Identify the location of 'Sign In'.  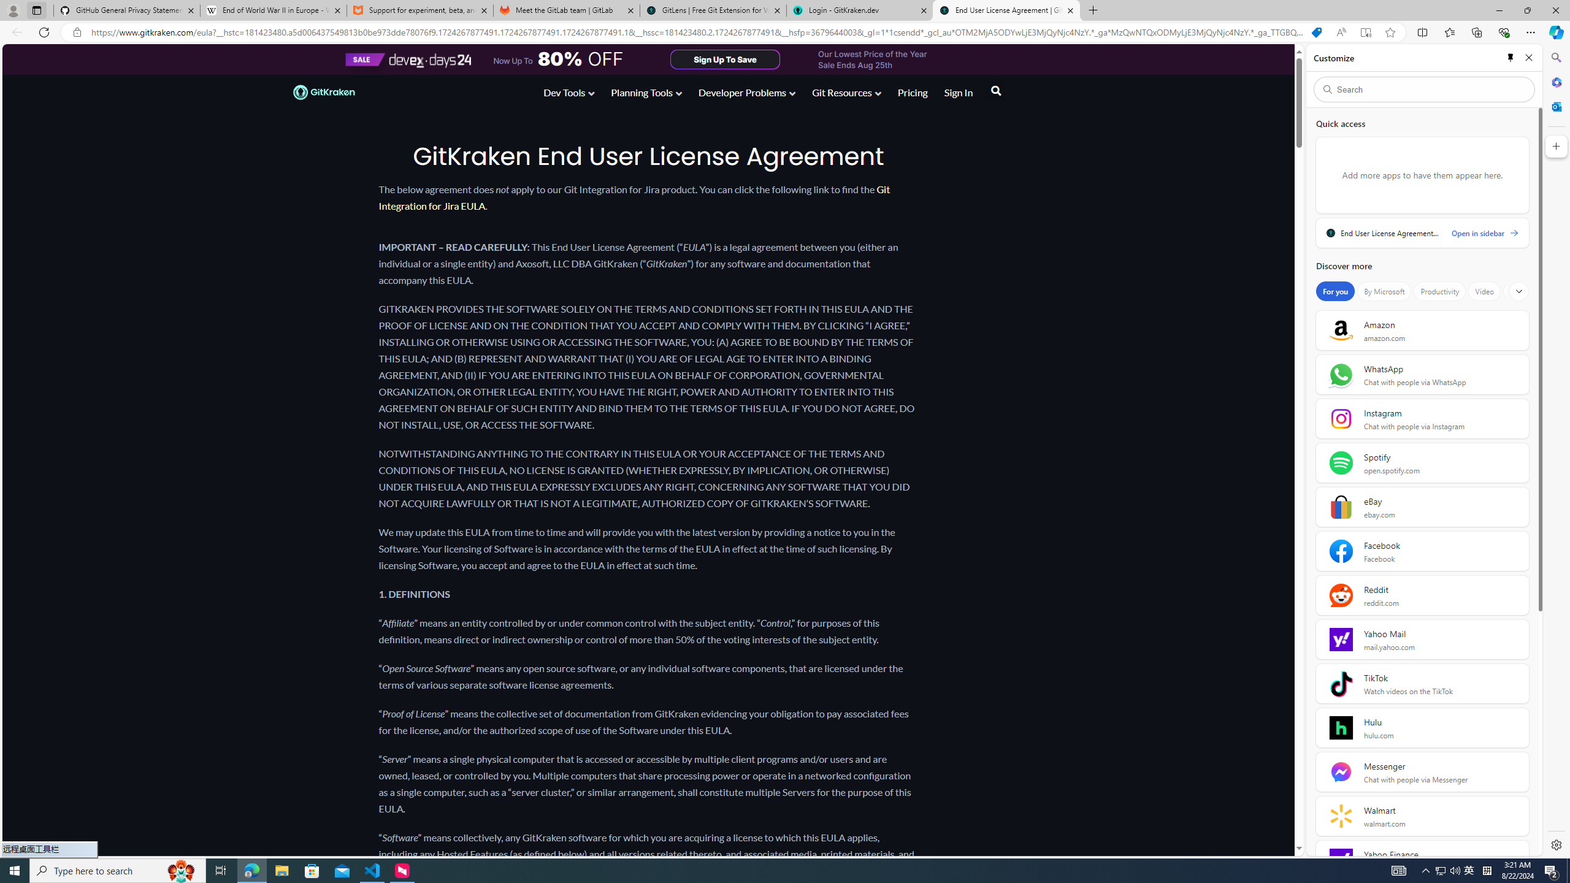
(957, 94).